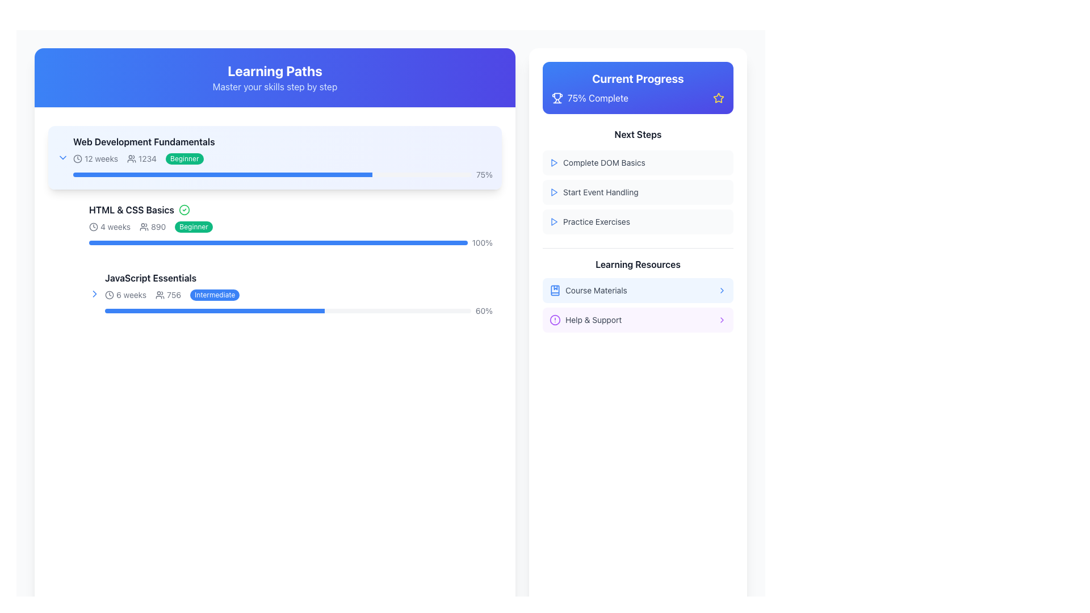 This screenshot has width=1090, height=613. Describe the element at coordinates (77, 159) in the screenshot. I see `the decorative SVG circle that is part of the clock icon located to the left of the '12 weeks' text in the 'Web Development Fundamentals' section` at that location.